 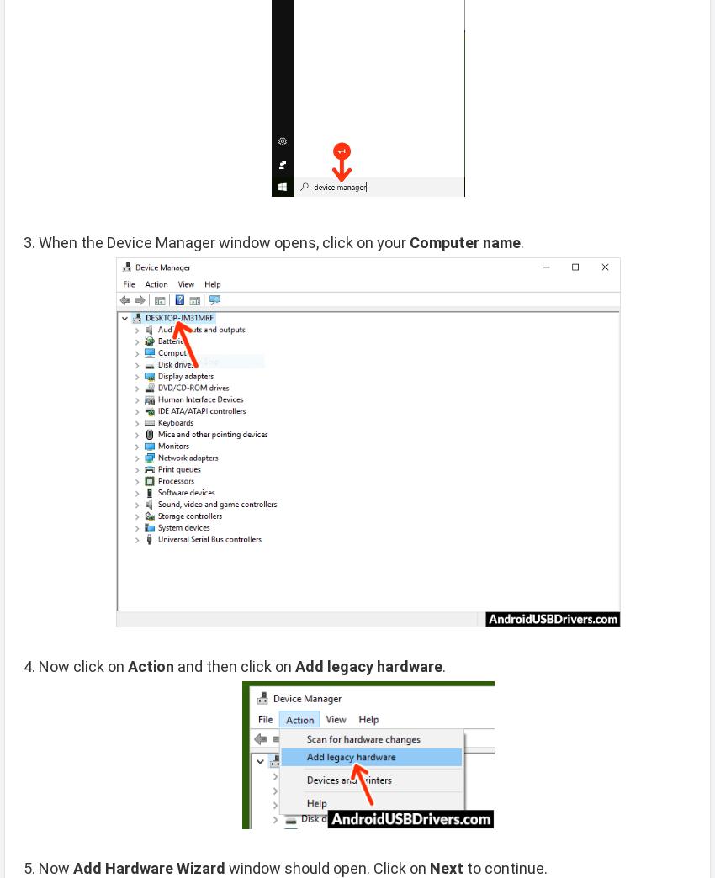 I want to click on 'to continue.', so click(x=505, y=867).